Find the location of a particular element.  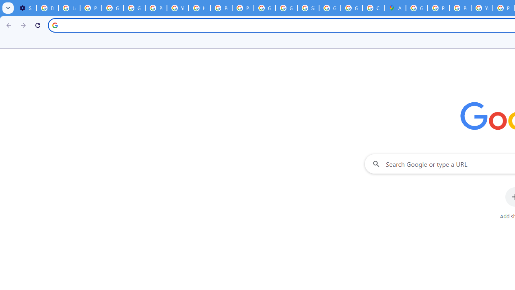

'Privacy Help Center - Policies Help' is located at coordinates (438, 8).